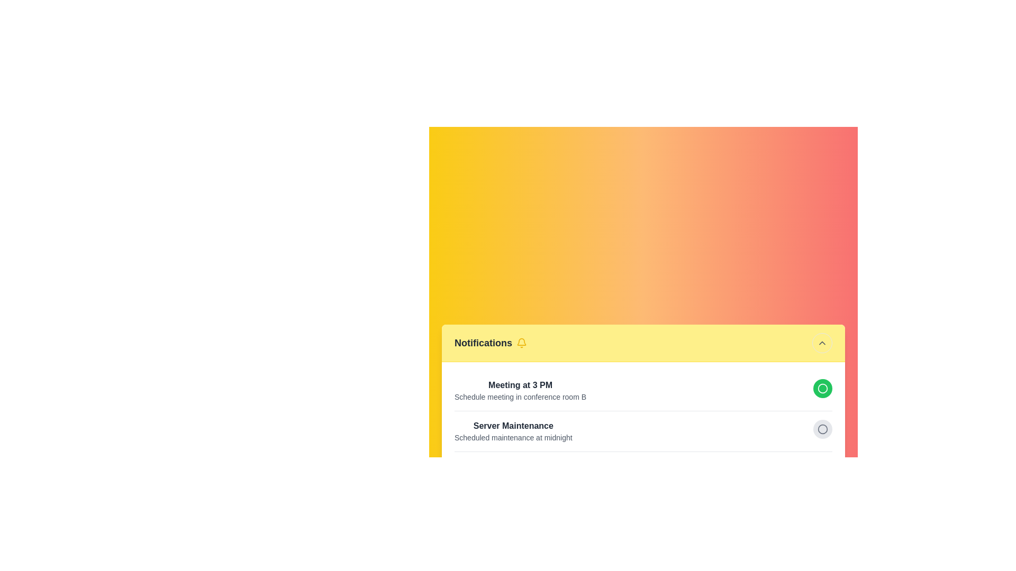  I want to click on the central icon within the rounded button located at the top right corner of the yellow notification bar, so click(822, 343).